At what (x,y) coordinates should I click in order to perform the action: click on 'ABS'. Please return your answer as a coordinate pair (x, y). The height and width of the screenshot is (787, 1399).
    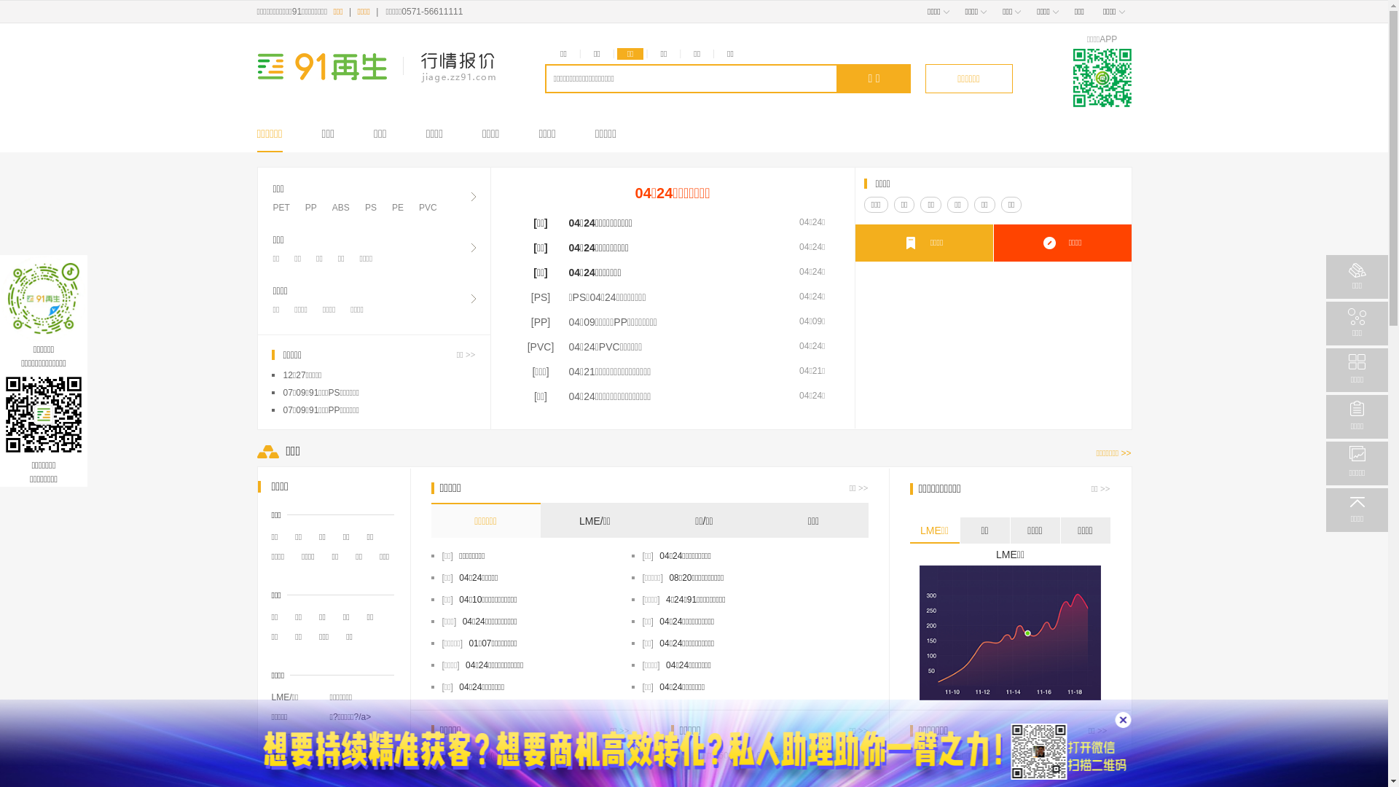
    Looking at the image, I should click on (340, 208).